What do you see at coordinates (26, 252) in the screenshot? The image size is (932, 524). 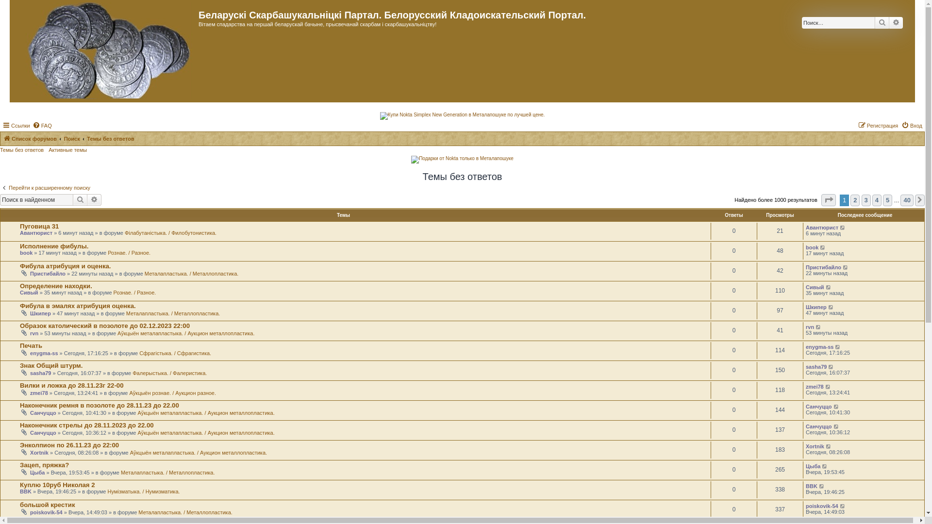 I see `'book'` at bounding box center [26, 252].